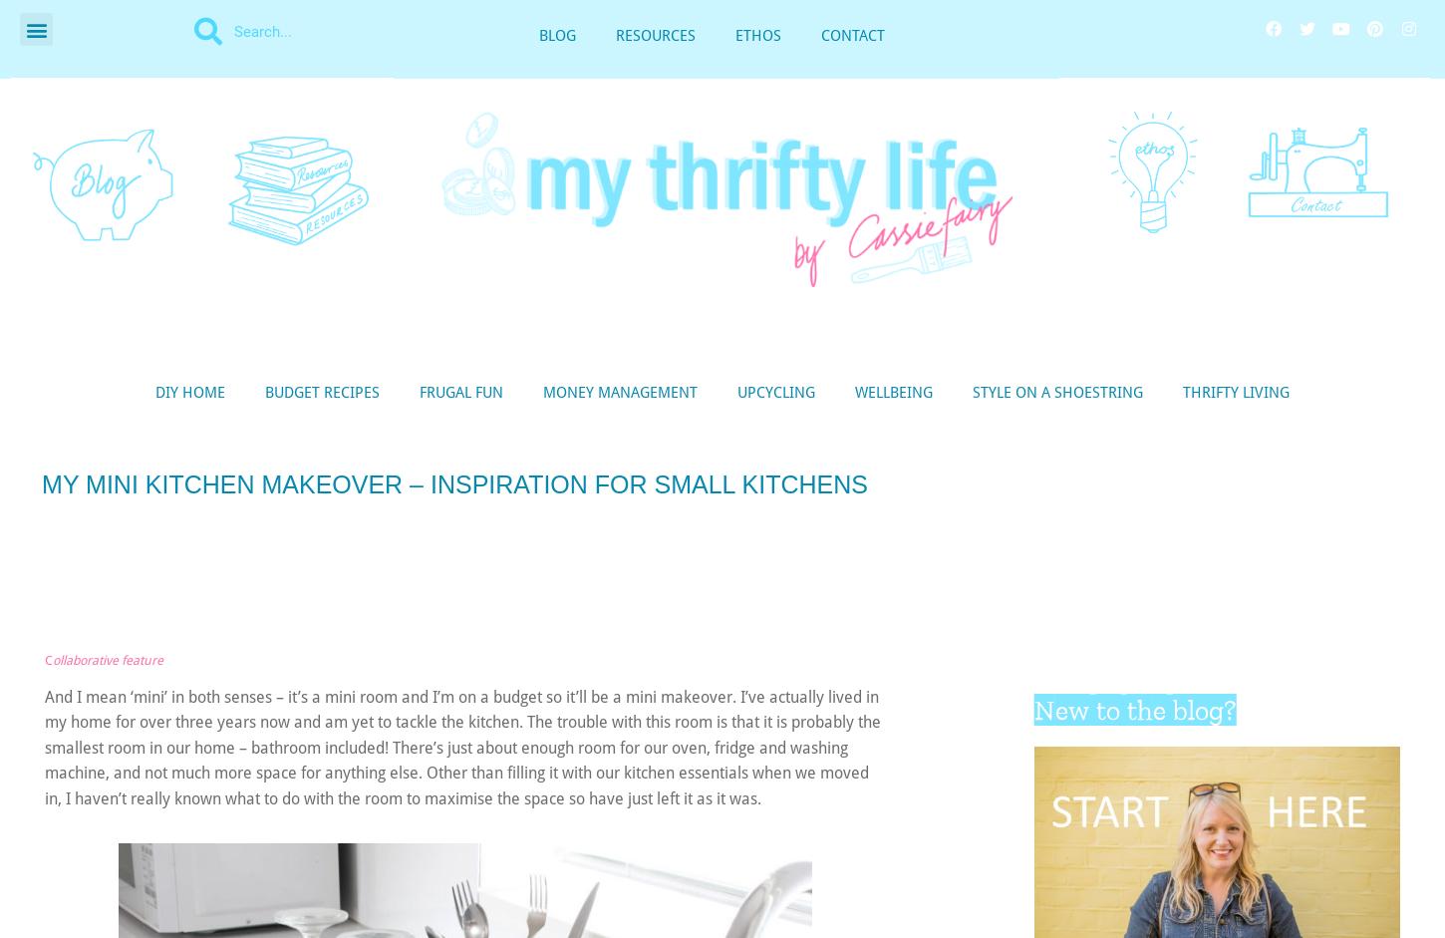 This screenshot has width=1445, height=938. Describe the element at coordinates (619, 391) in the screenshot. I see `'MONEY MANAGEMENT'` at that location.